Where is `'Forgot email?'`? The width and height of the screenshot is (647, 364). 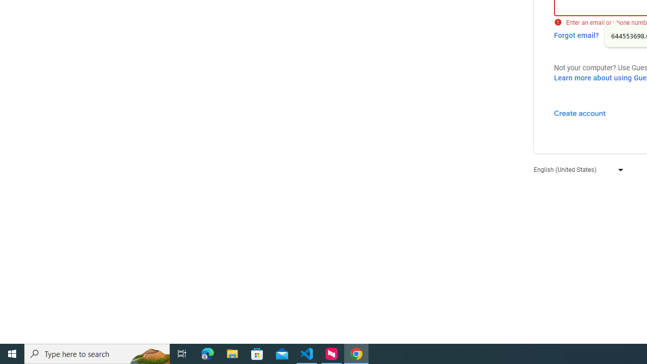
'Forgot email?' is located at coordinates (576, 34).